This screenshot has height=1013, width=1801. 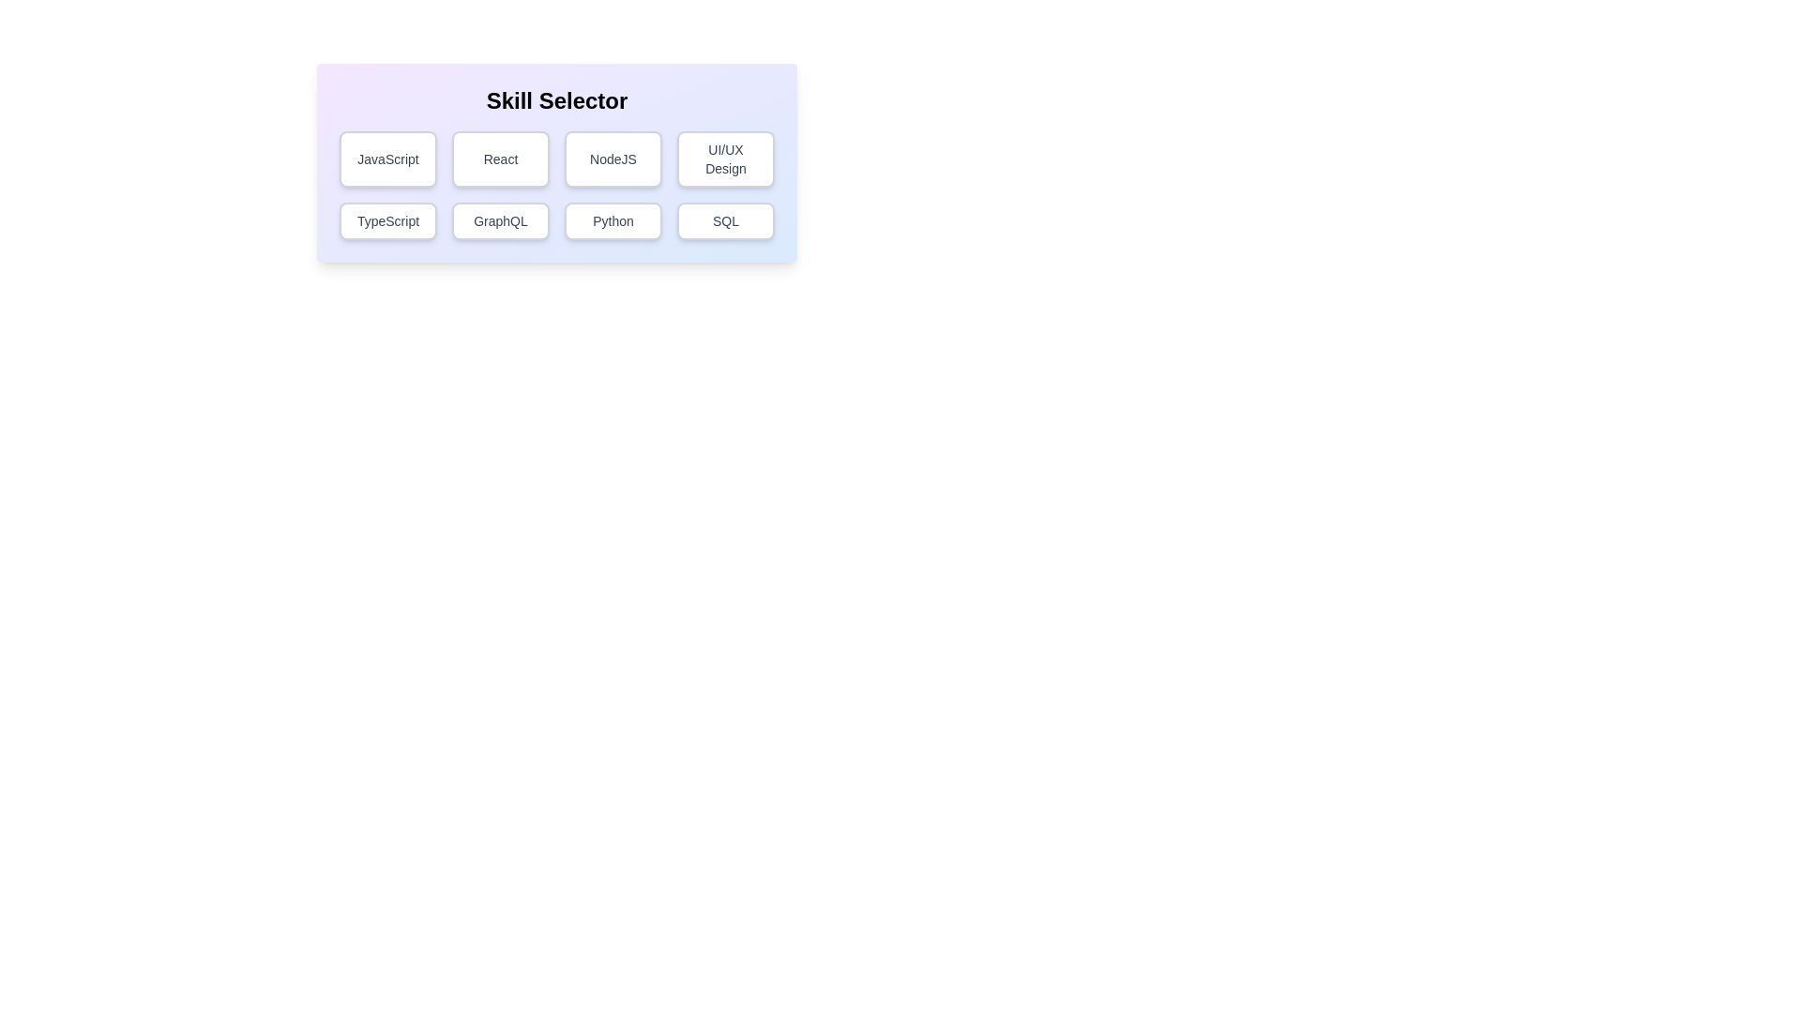 What do you see at coordinates (386, 158) in the screenshot?
I see `the button corresponding to the skill JavaScript to toggle its selection` at bounding box center [386, 158].